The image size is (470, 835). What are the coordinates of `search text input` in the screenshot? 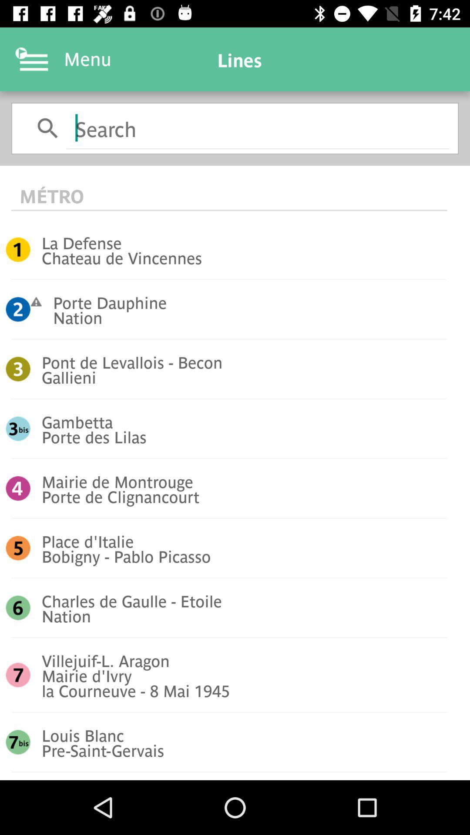 It's located at (257, 127).